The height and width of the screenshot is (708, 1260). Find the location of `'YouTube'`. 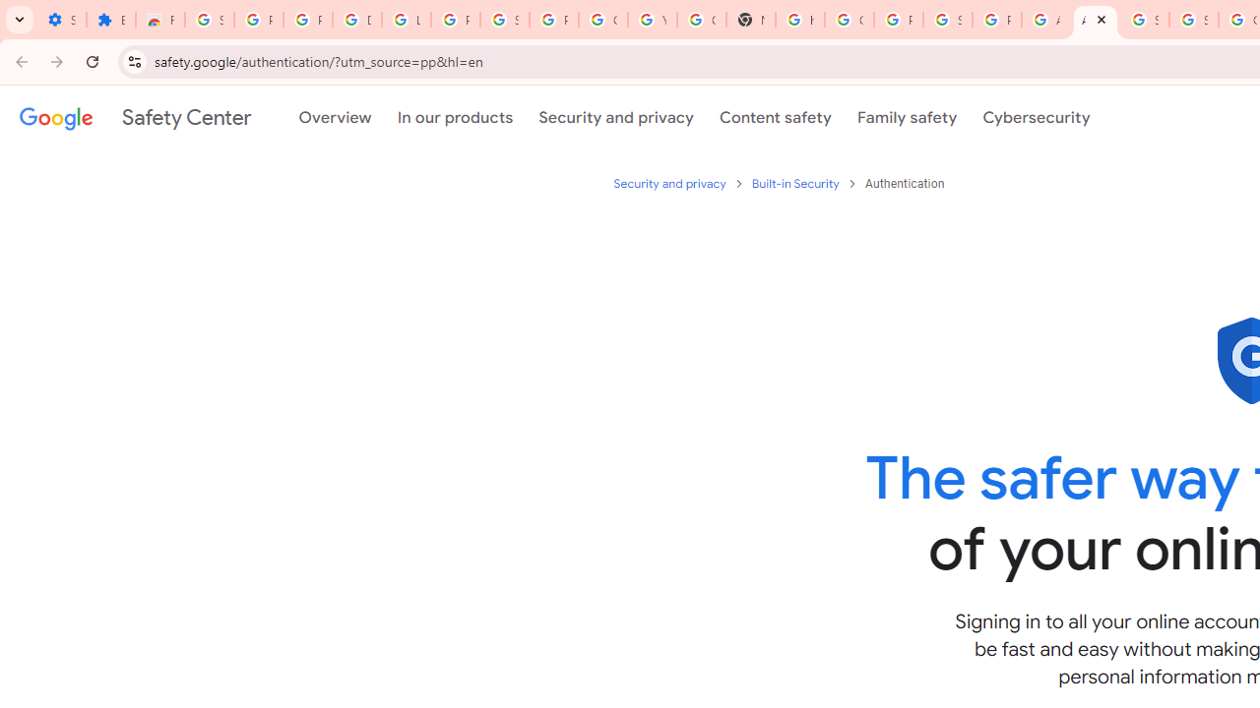

'YouTube' is located at coordinates (653, 20).